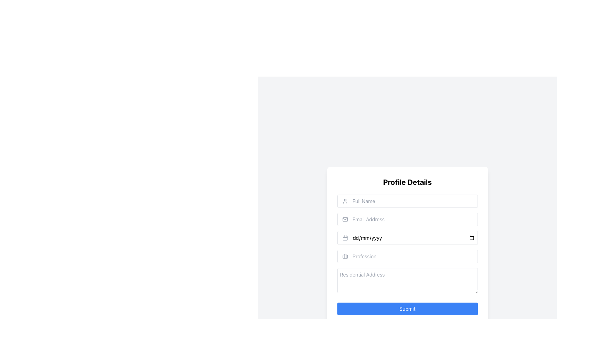  What do you see at coordinates (345, 256) in the screenshot?
I see `the small gray briefcase icon located to the left of the 'Profession' text input field in the form interface` at bounding box center [345, 256].